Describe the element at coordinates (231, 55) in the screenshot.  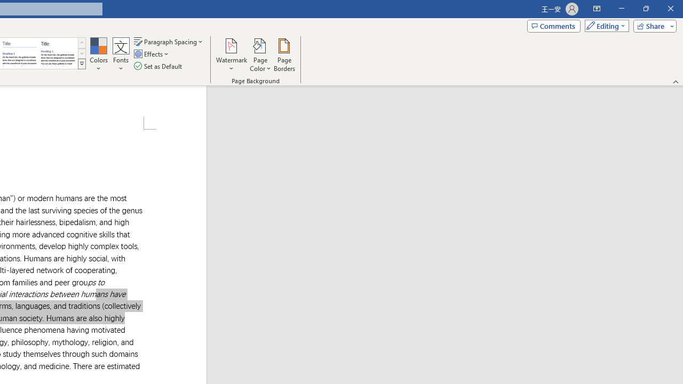
I see `'Watermark'` at that location.